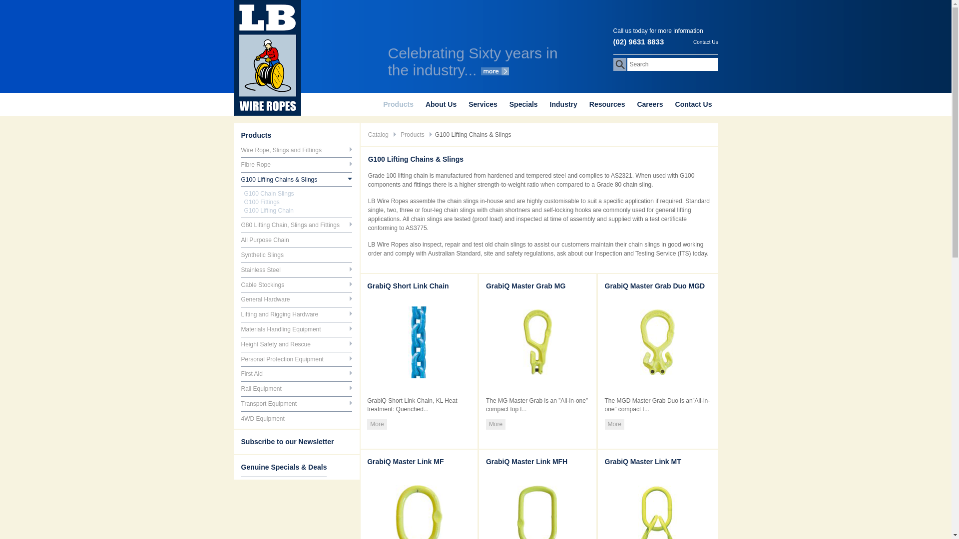 This screenshot has width=959, height=539. Describe the element at coordinates (264, 240) in the screenshot. I see `'All Purpose Chain'` at that location.